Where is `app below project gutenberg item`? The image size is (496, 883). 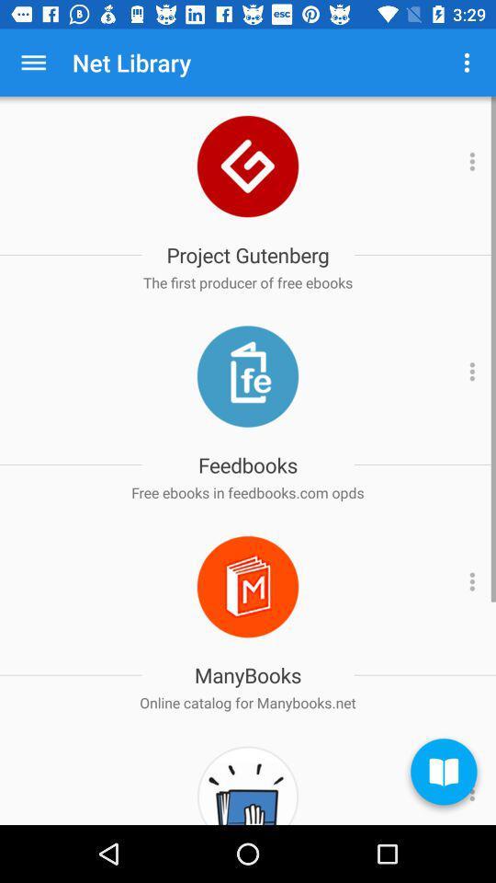
app below project gutenberg item is located at coordinates (248, 282).